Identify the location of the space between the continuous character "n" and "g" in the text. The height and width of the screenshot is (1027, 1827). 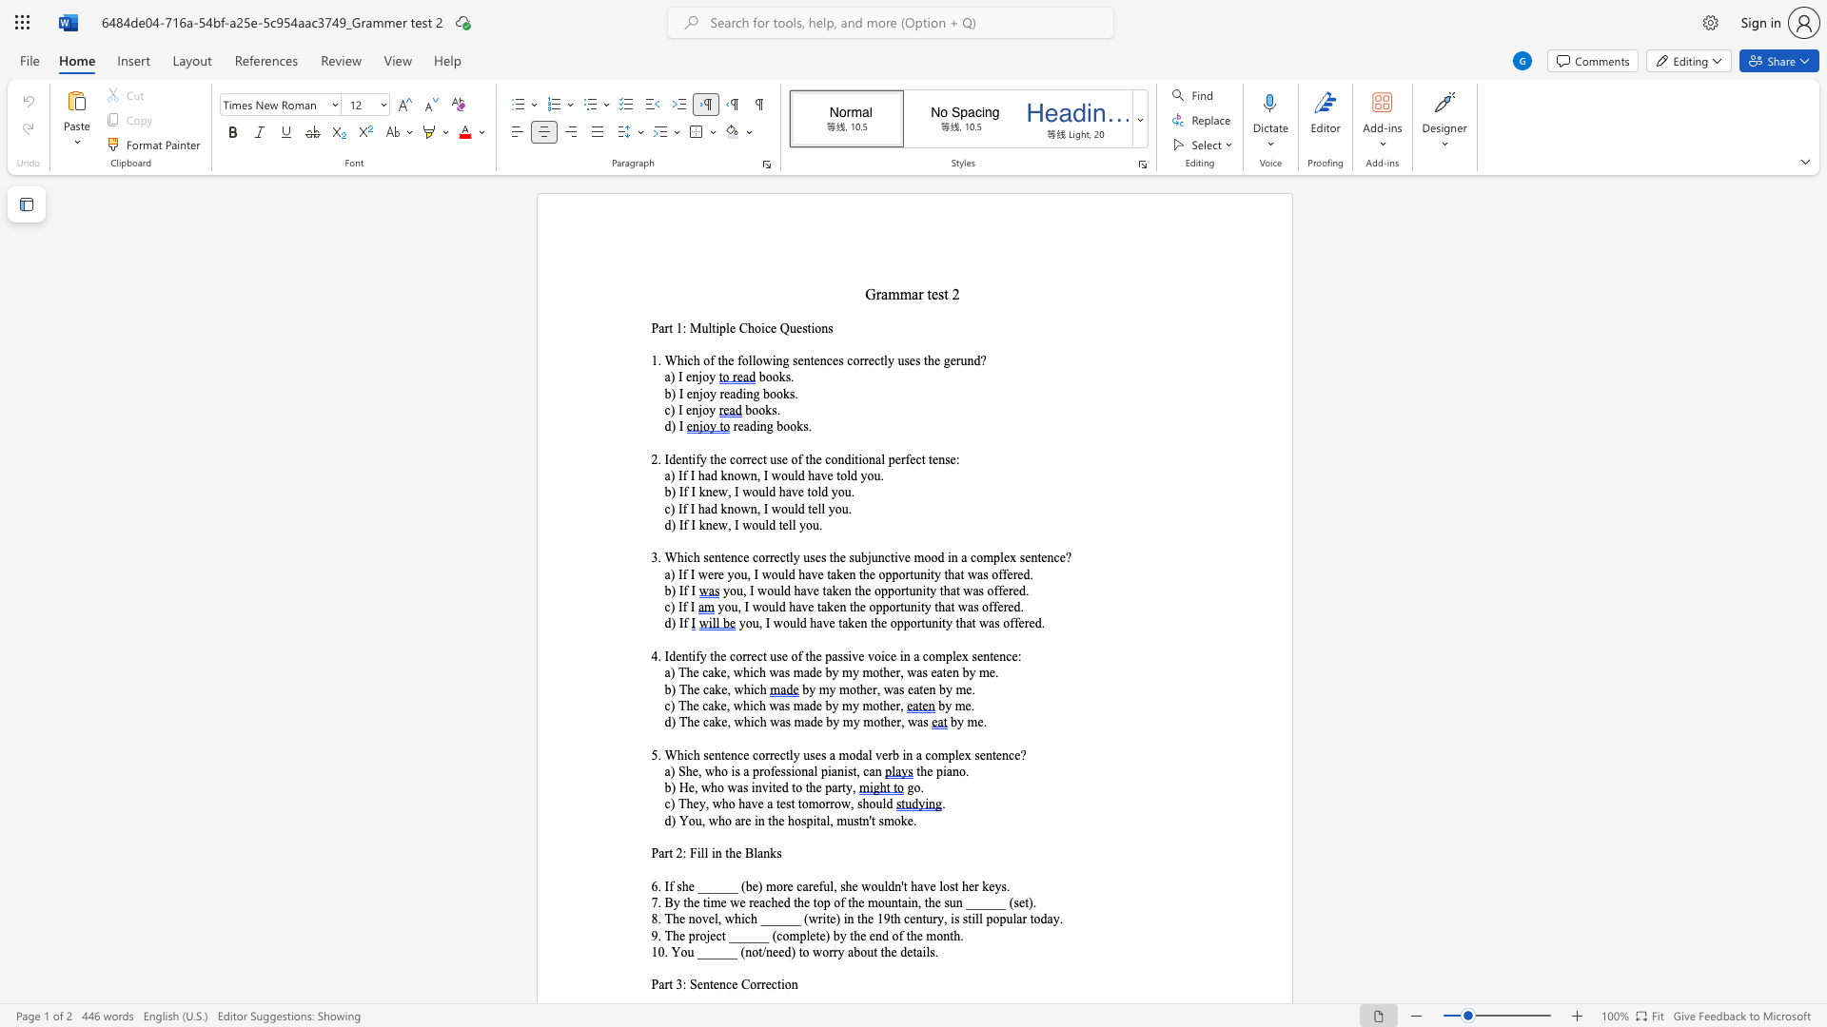
(766, 425).